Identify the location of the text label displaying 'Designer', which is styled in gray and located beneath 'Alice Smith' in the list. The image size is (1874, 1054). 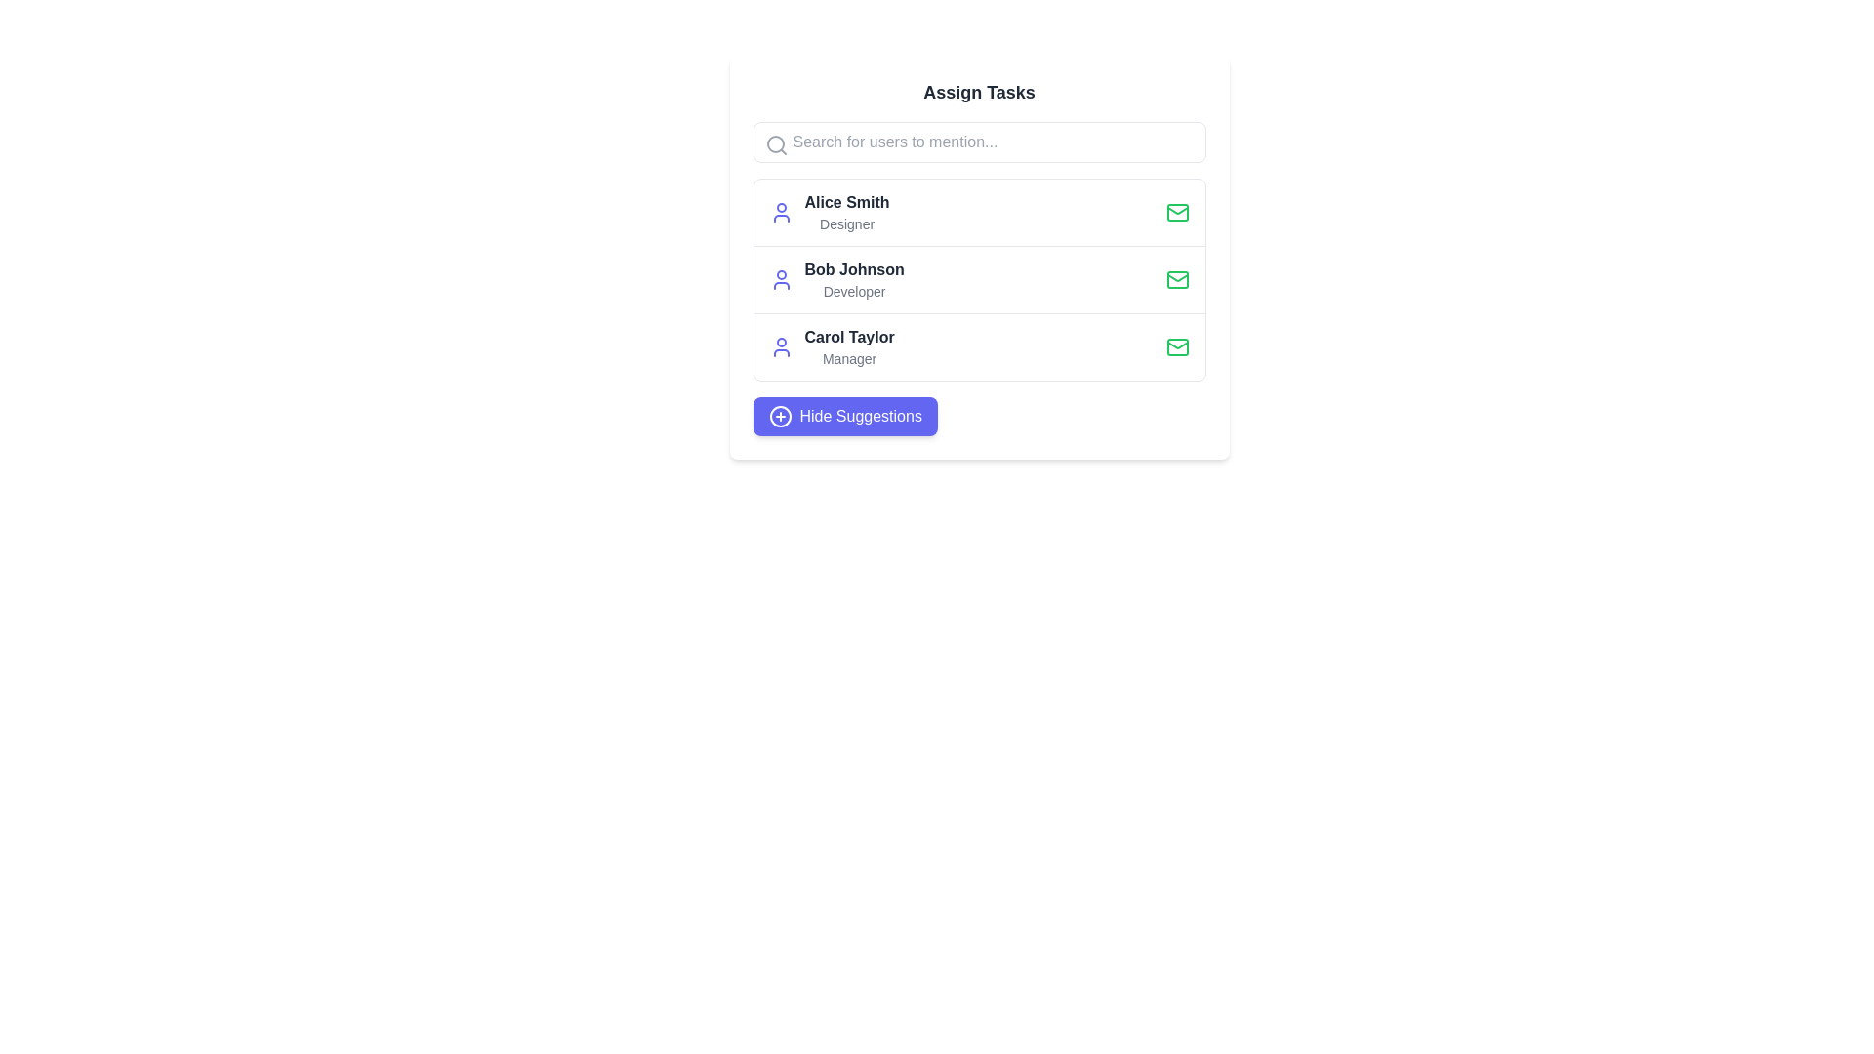
(847, 223).